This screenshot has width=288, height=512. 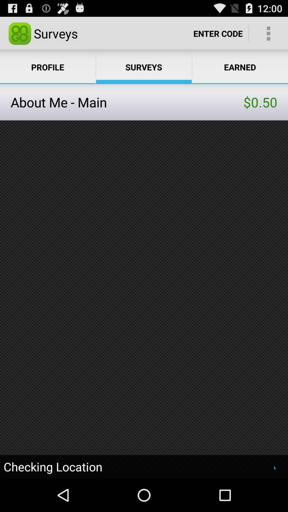 I want to click on the enter code, so click(x=218, y=33).